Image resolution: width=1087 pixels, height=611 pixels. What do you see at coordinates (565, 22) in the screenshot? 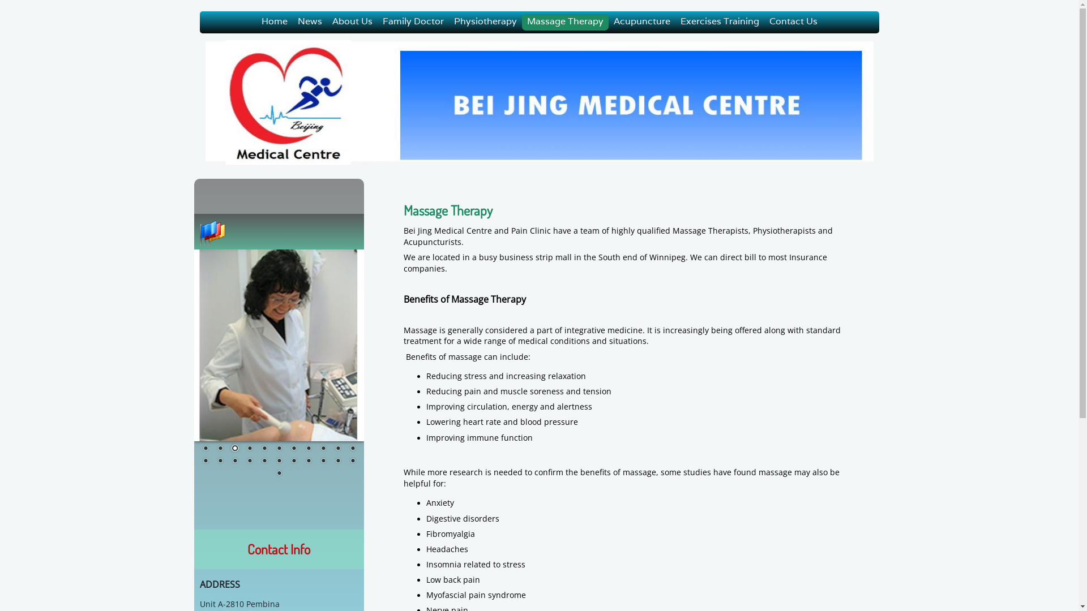
I see `'Massage Therapy'` at bounding box center [565, 22].